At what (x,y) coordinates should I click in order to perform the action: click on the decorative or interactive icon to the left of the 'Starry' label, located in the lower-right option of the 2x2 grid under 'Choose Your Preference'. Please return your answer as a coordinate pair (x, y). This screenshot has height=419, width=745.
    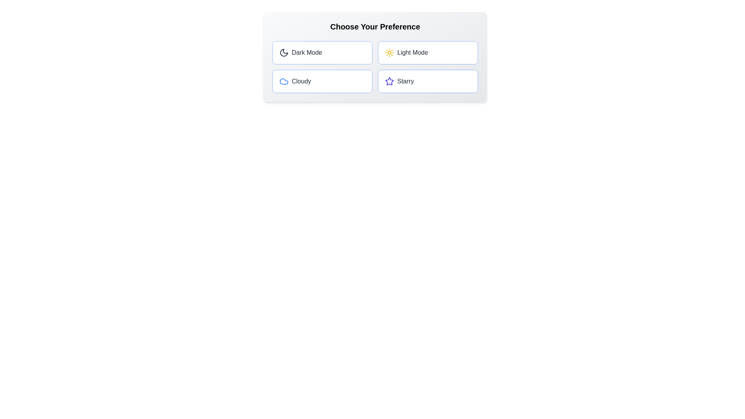
    Looking at the image, I should click on (389, 81).